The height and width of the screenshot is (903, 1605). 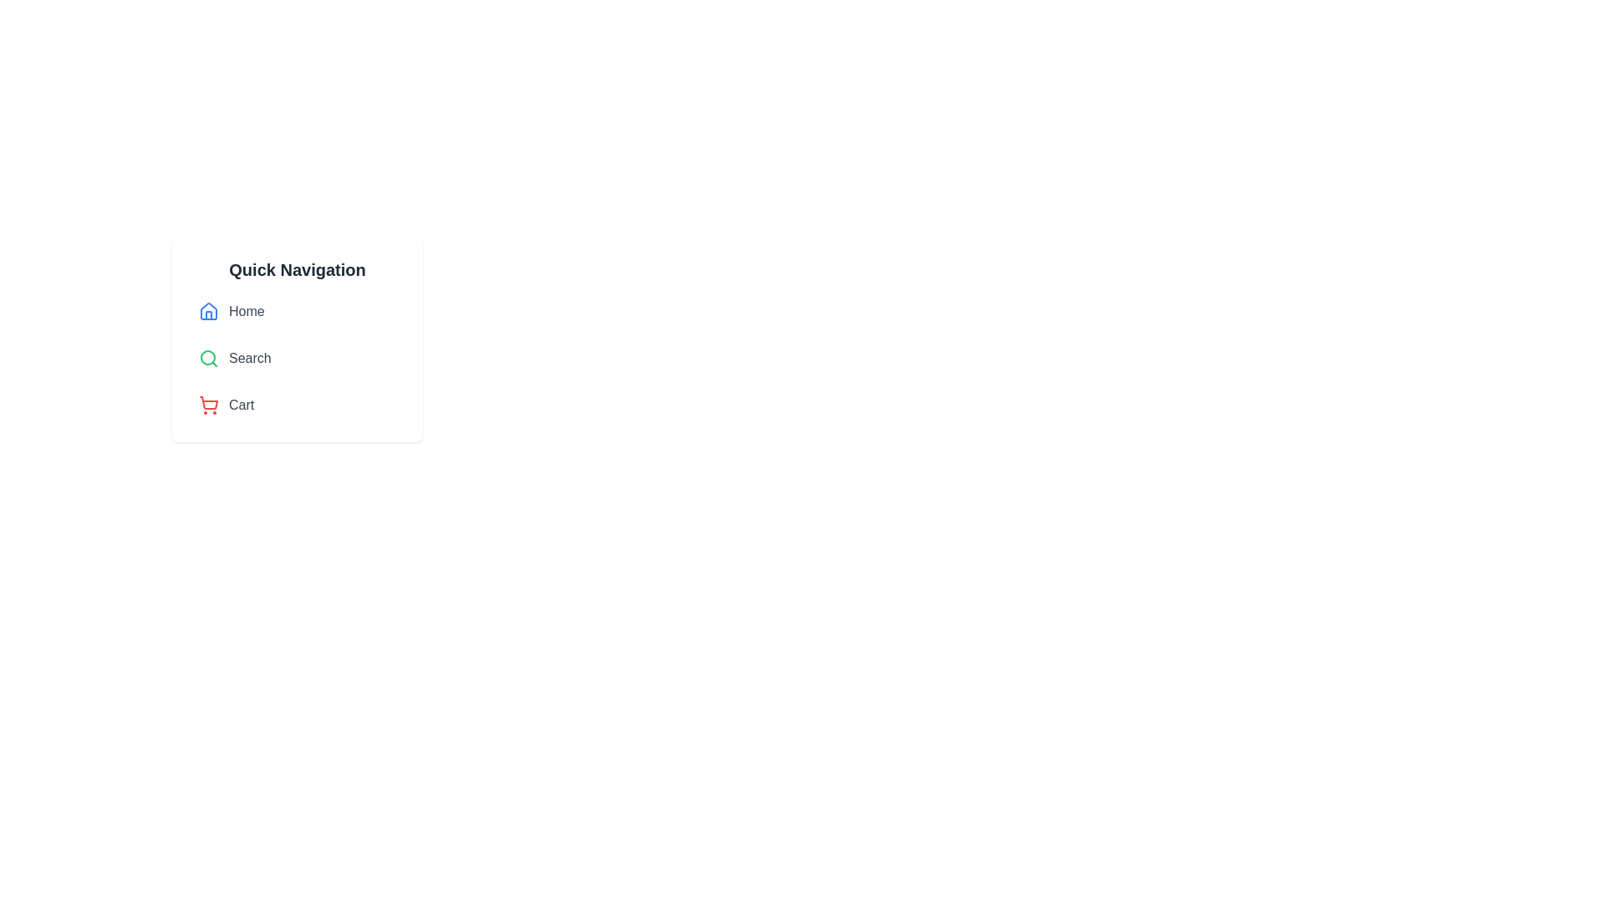 What do you see at coordinates (297, 406) in the screenshot?
I see `the 'Cart' button, which is a red shopping cart icon with the label 'Cart', the third item in the vertical navigation list` at bounding box center [297, 406].